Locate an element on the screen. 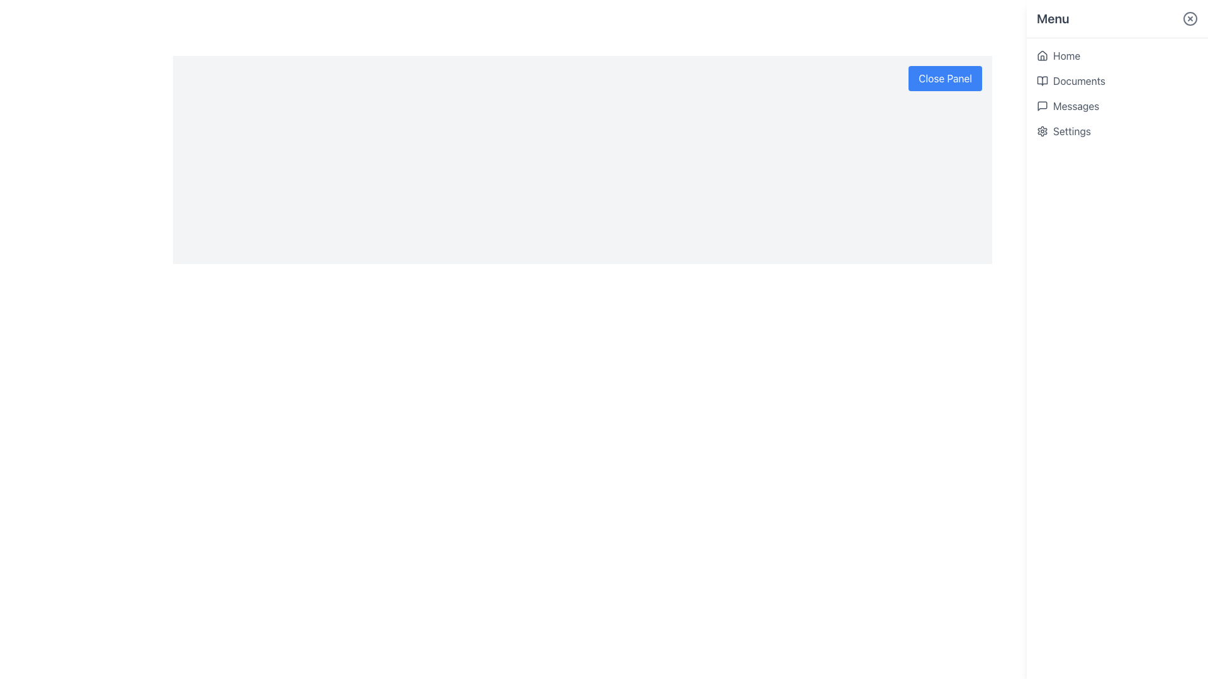  the 'Home' icon located in the right-hand side menu is located at coordinates (1042, 55).